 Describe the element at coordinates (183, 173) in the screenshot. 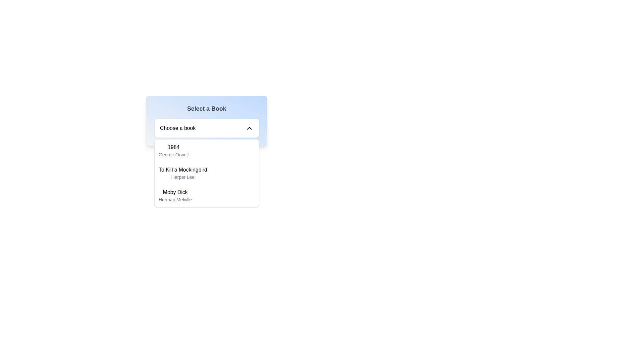

I see `the second item in the dropdown list representing the book option titled 'To Kill a Mockingbird' by 'Harper Lee'` at that location.